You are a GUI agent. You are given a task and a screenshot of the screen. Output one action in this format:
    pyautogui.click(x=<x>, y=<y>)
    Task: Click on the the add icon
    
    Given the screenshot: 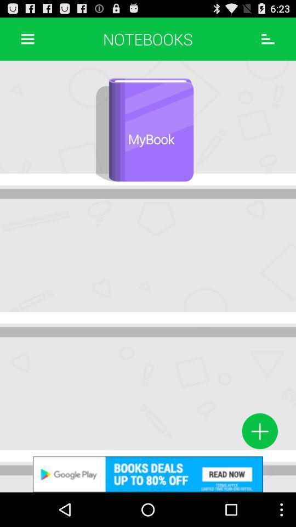 What is the action you would take?
    pyautogui.click(x=259, y=461)
    